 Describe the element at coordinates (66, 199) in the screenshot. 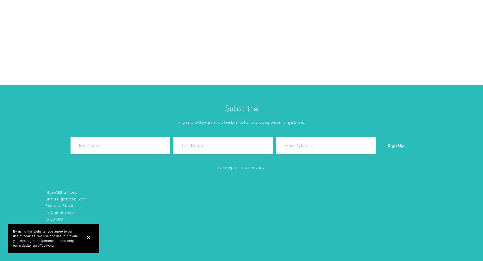

I see `'Unit 4 Highstone Barn'` at that location.